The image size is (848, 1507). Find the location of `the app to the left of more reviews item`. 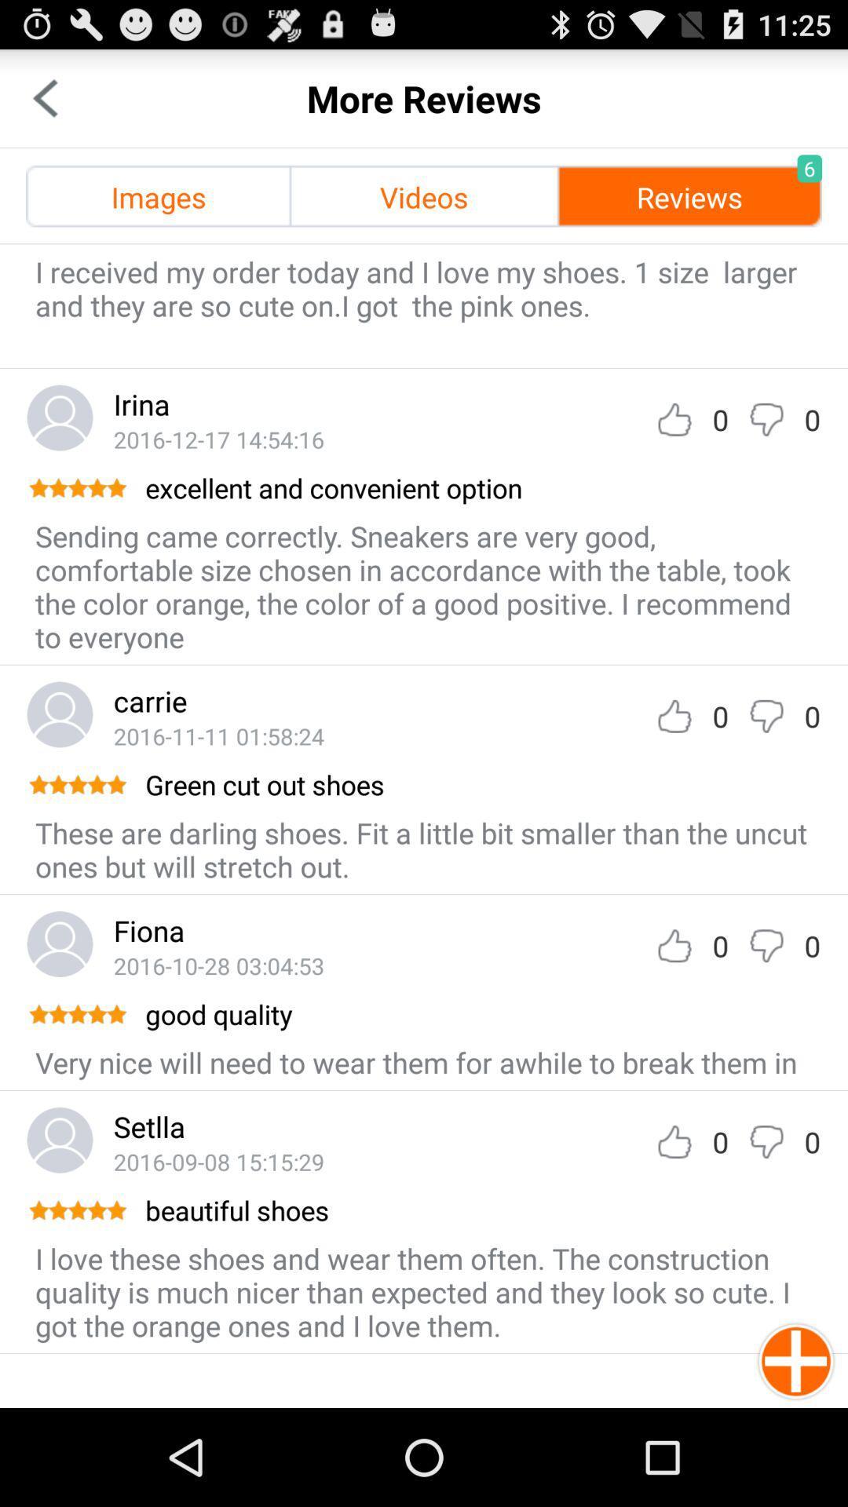

the app to the left of more reviews item is located at coordinates (44, 97).